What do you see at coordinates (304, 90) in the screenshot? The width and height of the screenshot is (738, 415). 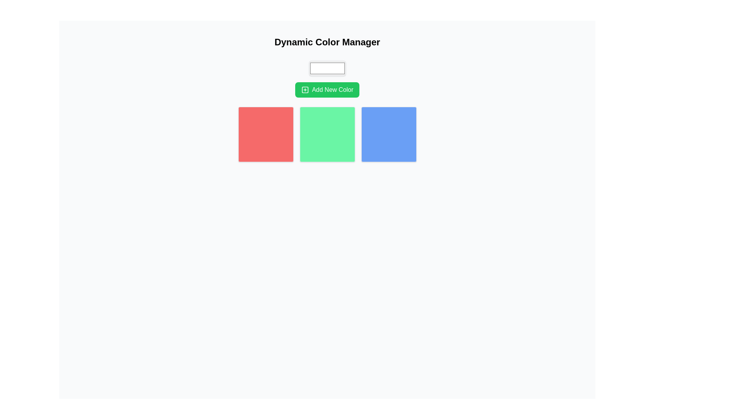 I see `the icon within the 'Add New Color' button, which visually suggests the action of adding or creating a new item` at bounding box center [304, 90].